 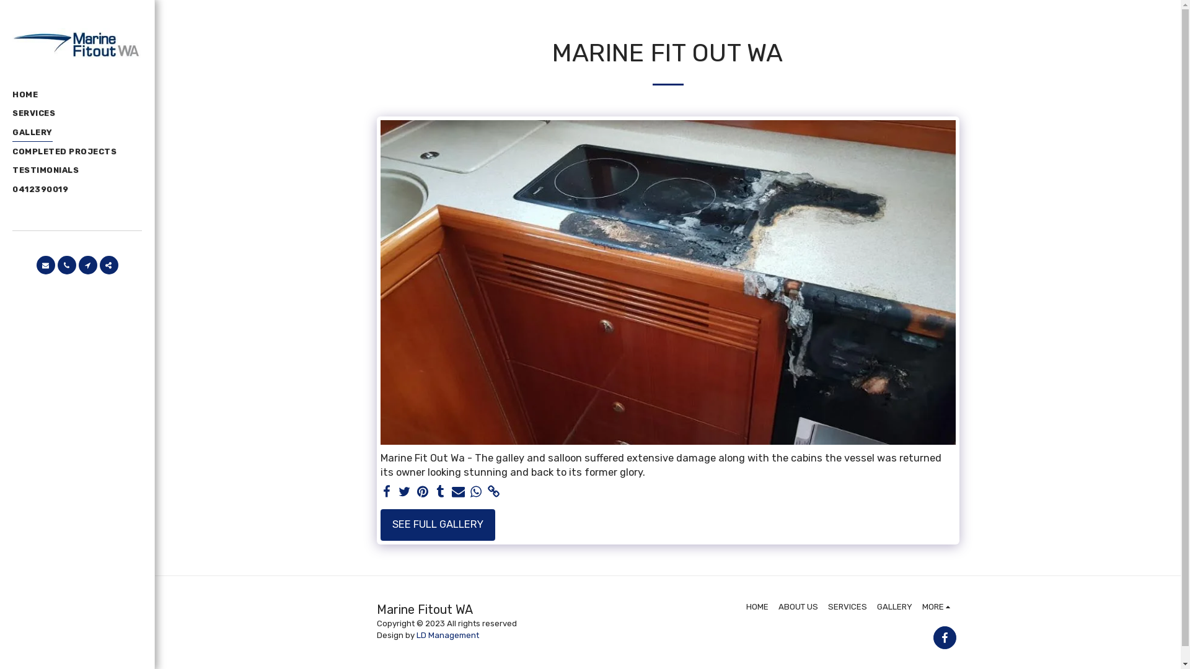 What do you see at coordinates (64, 151) in the screenshot?
I see `'COMPLETED PROJECTS'` at bounding box center [64, 151].